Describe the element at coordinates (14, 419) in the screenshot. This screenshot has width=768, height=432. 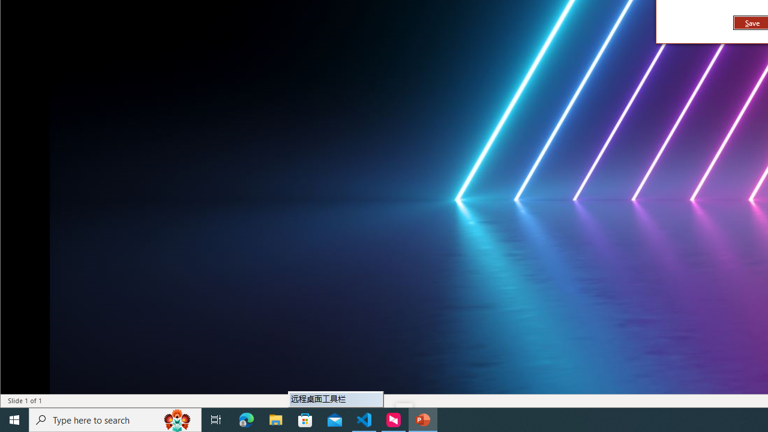
I see `'Start'` at that location.